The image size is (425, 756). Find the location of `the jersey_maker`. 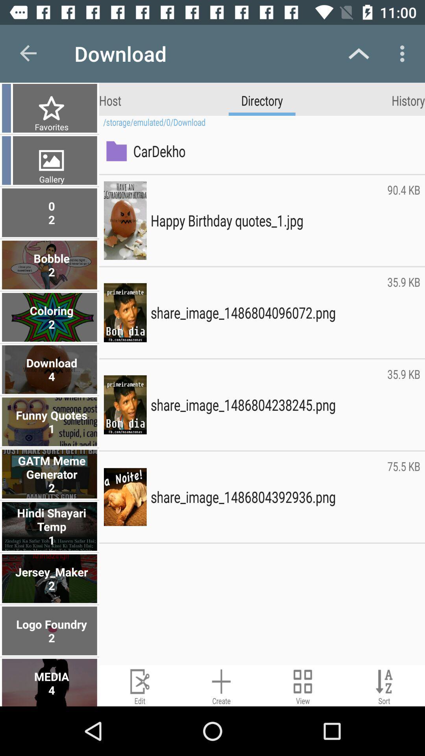

the jersey_maker is located at coordinates (50, 578).